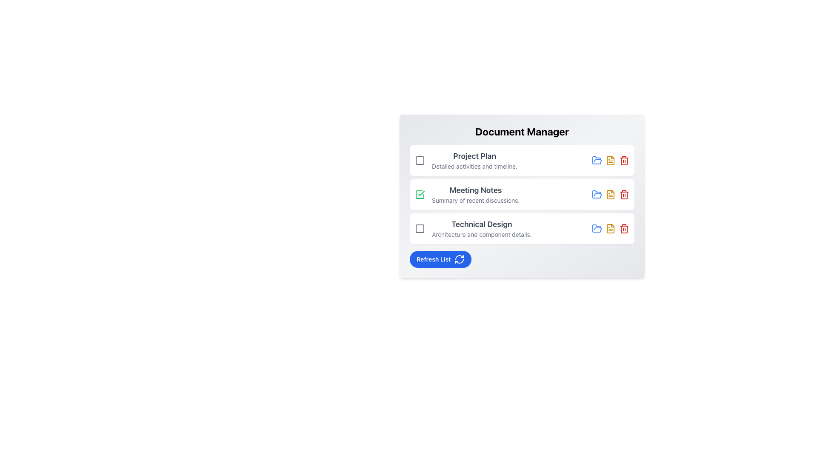  I want to click on the yellow file icon, which is the second interactive icon in the row of controls for the 'Meeting Notes' item in the Document Manager list, so click(610, 194).